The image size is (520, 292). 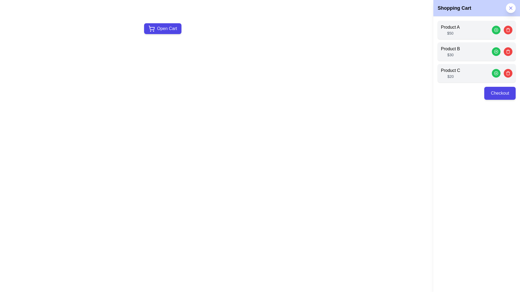 I want to click on the red 'Trash' button for the product identified by its name Product B, so click(x=508, y=52).